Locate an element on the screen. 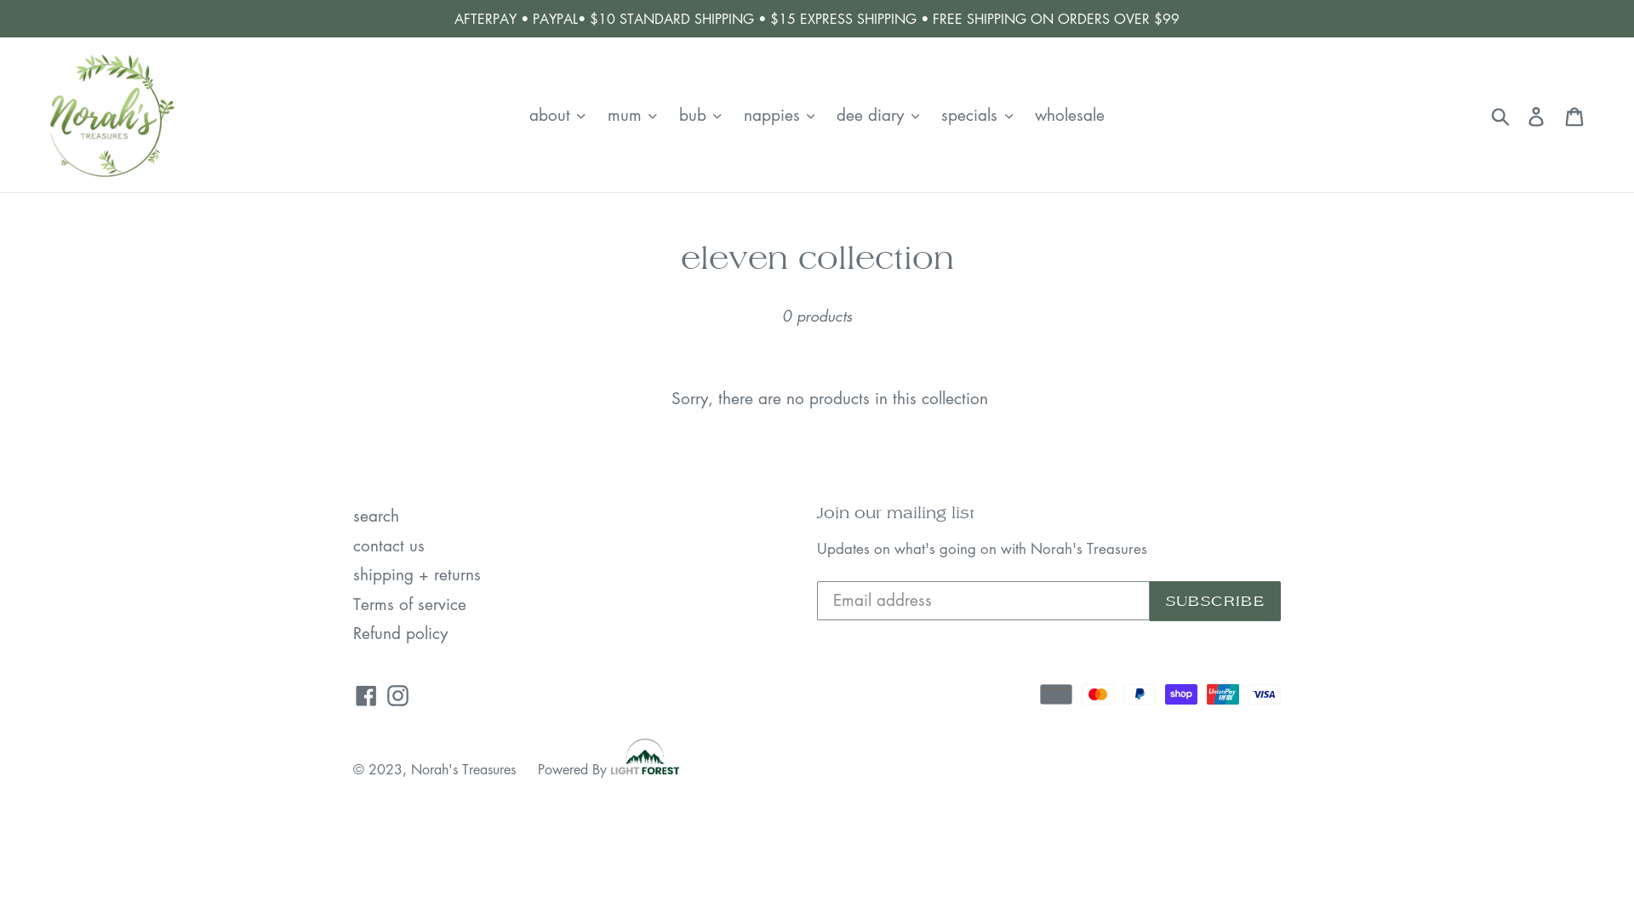 The width and height of the screenshot is (1634, 919). 'Refund policy' is located at coordinates (399, 632).